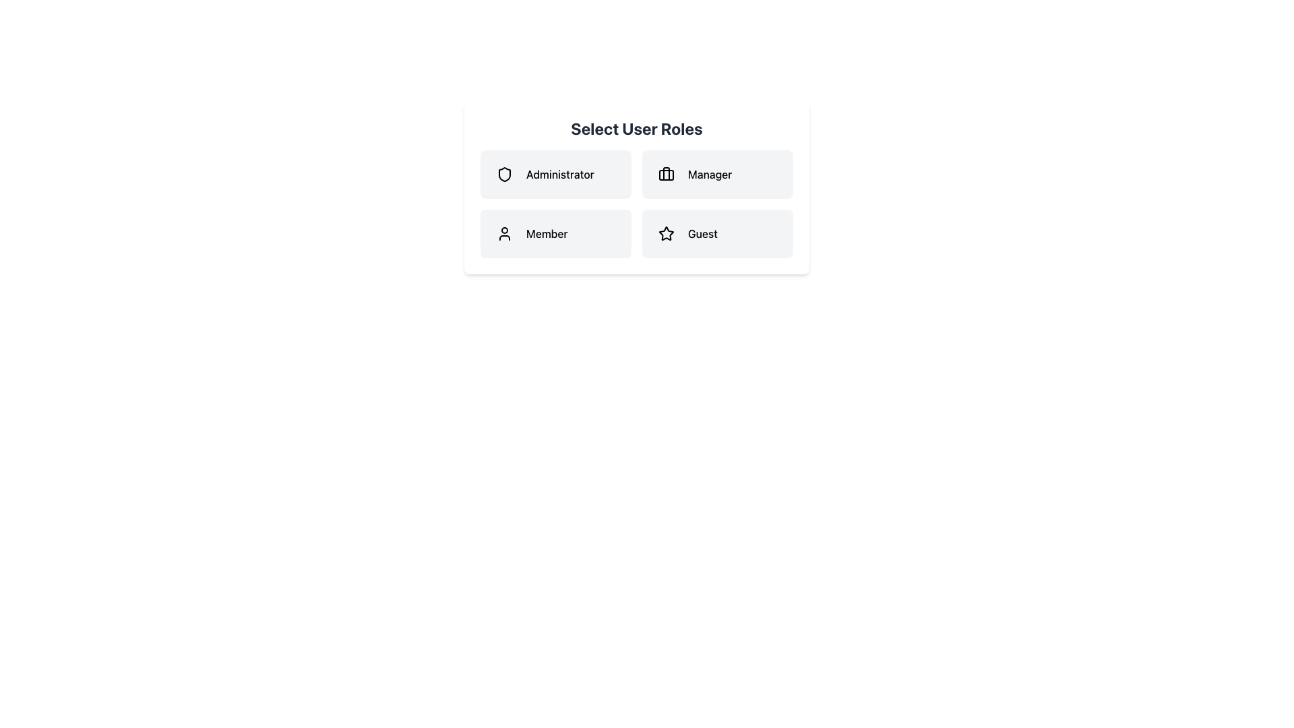 Image resolution: width=1294 pixels, height=728 pixels. Describe the element at coordinates (717, 173) in the screenshot. I see `the 'Manager' role selection button located in the top-right corner of the 'Select User Roles' grid` at that location.